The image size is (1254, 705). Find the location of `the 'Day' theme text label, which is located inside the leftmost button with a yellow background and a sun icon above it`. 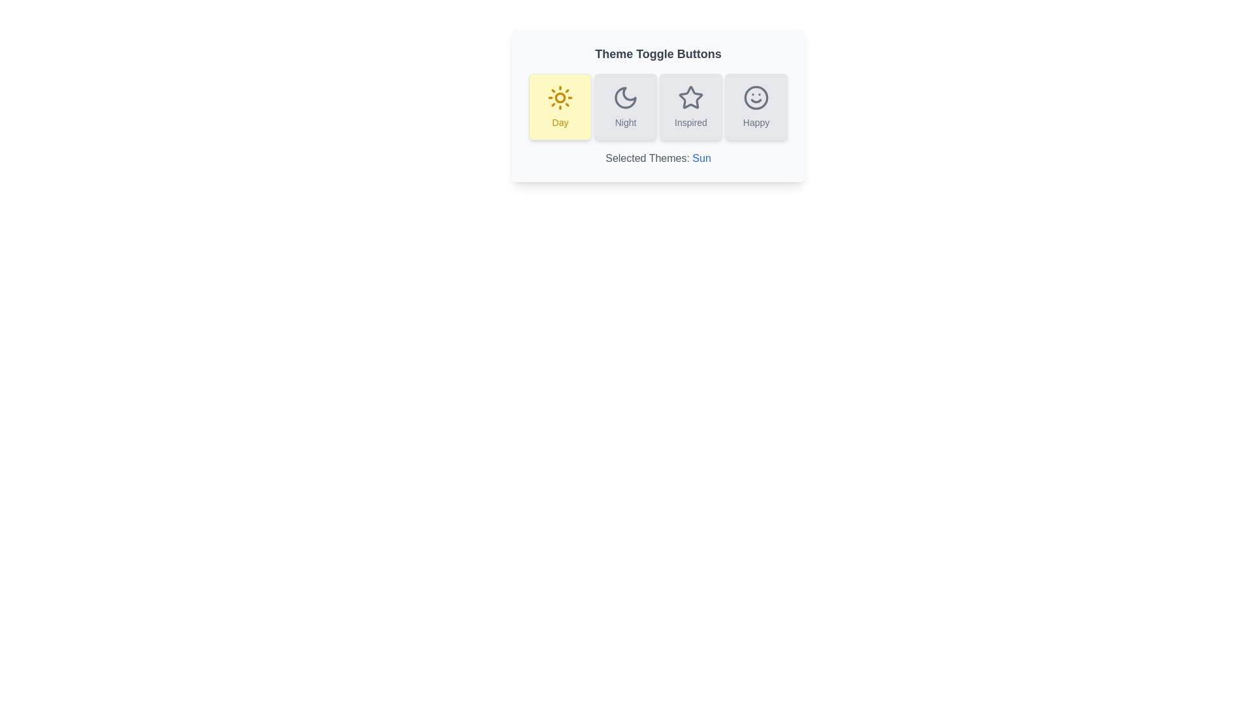

the 'Day' theme text label, which is located inside the leftmost button with a yellow background and a sun icon above it is located at coordinates (560, 123).